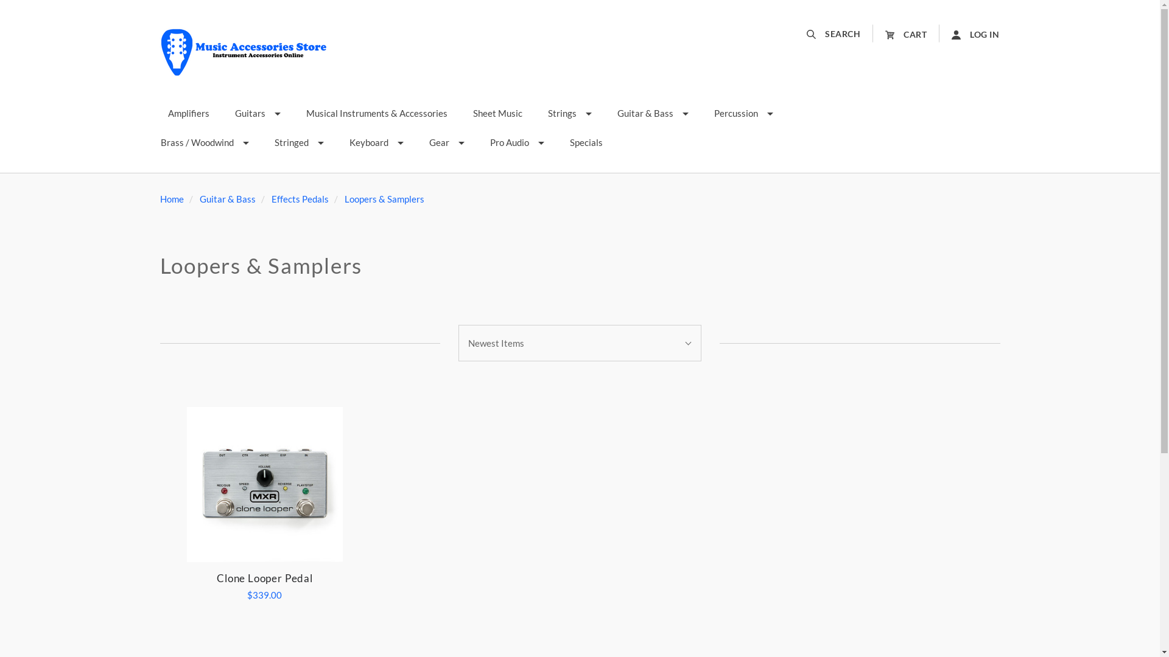 The height and width of the screenshot is (657, 1169). I want to click on 'Gear', so click(446, 142).